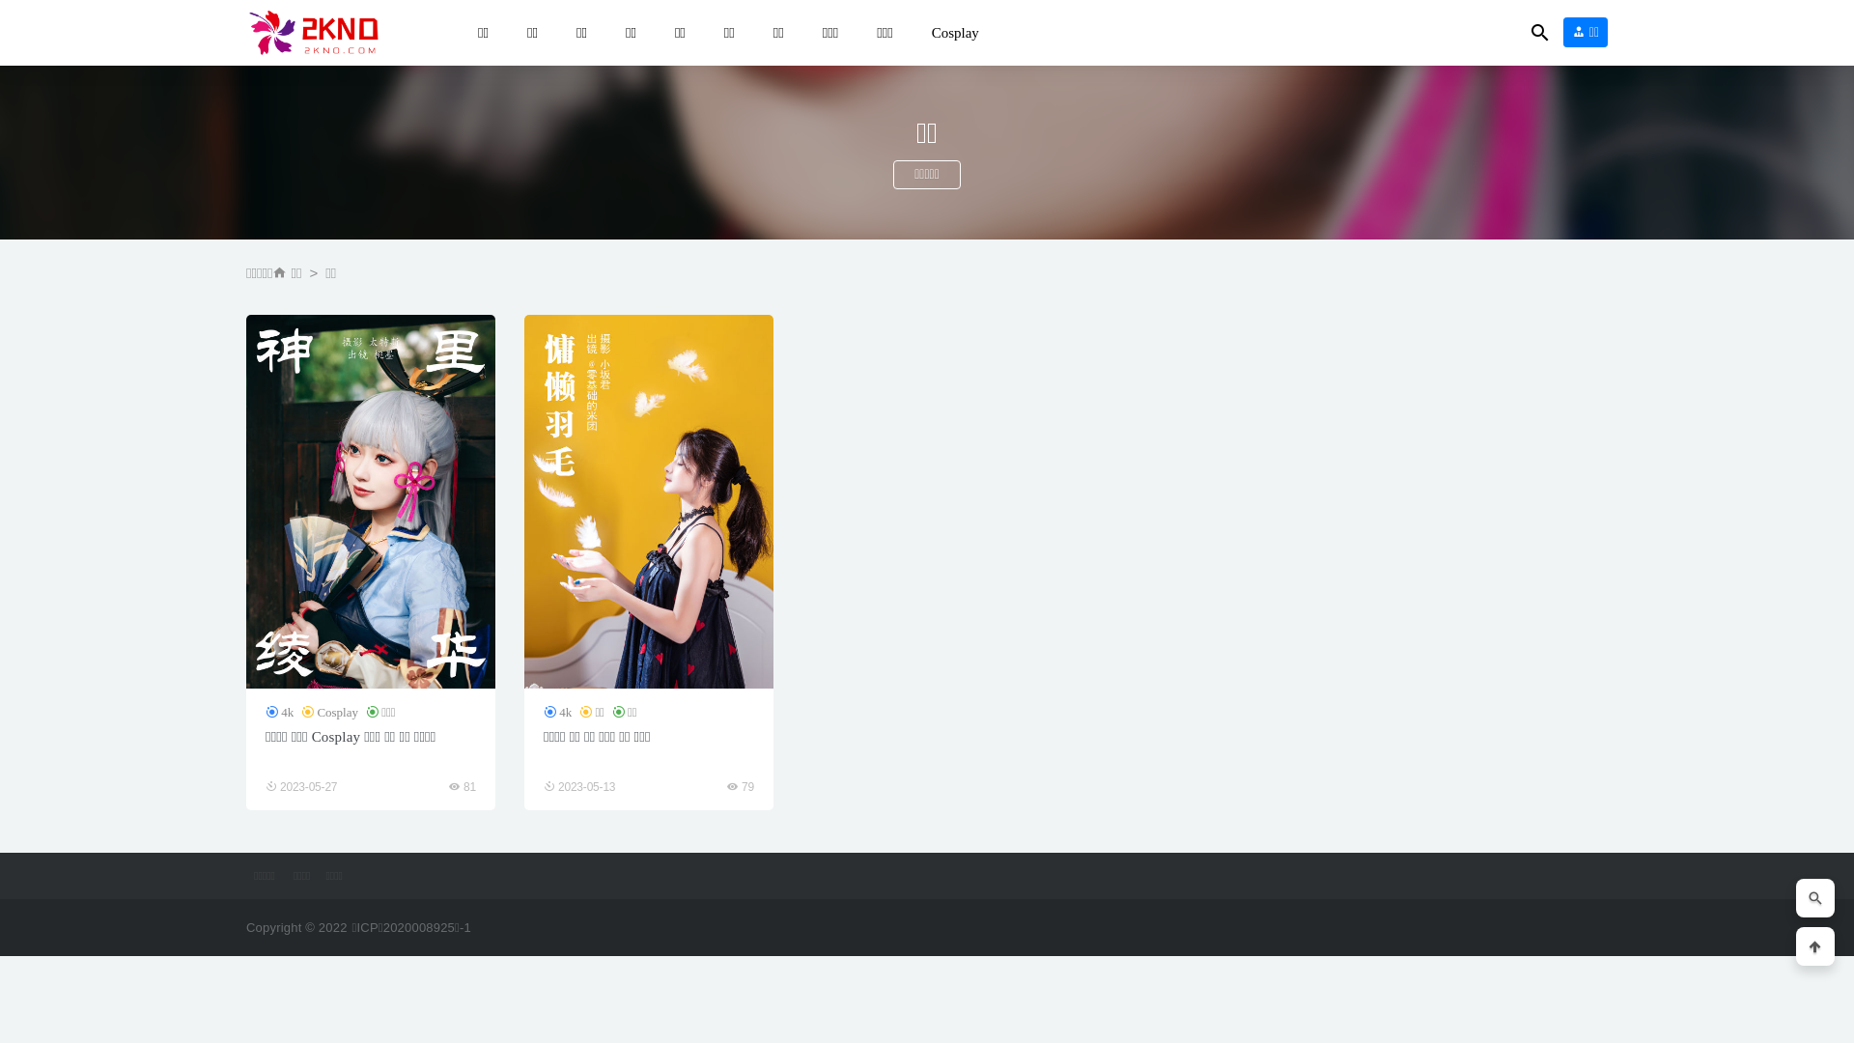 The height and width of the screenshot is (1043, 1854). I want to click on '4k', so click(264, 712).